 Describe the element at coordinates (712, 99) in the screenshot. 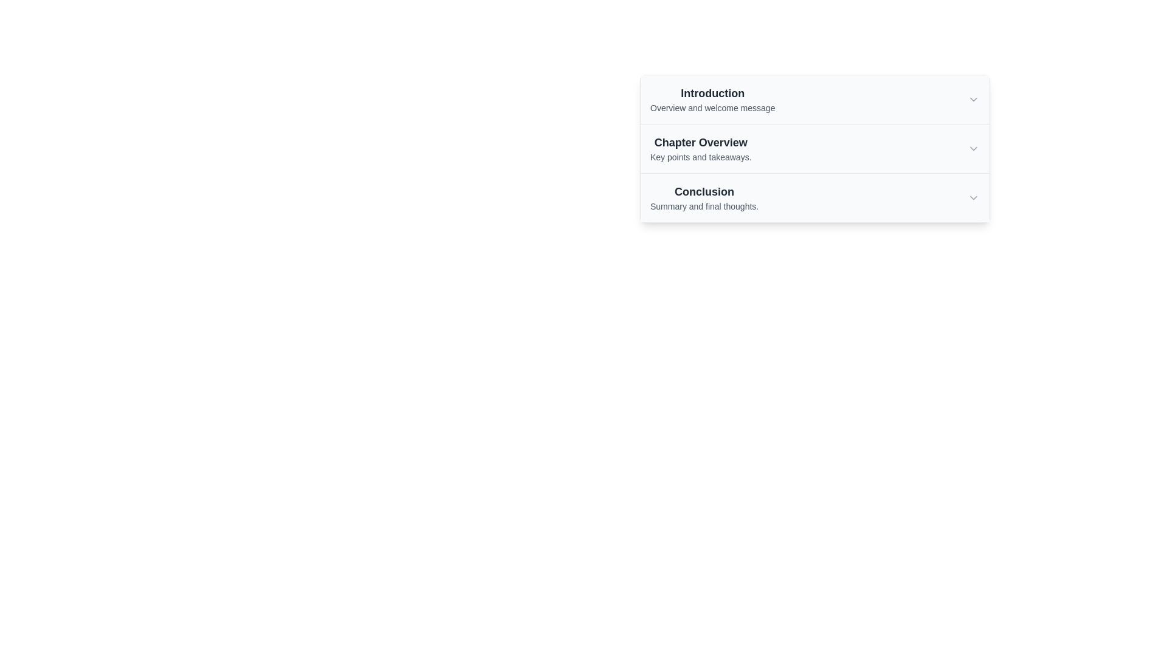

I see `the title and subtitle Text block located at the top of the sidebar navigation component, which is above 'Chapter Overview' and 'Conclusion'` at that location.